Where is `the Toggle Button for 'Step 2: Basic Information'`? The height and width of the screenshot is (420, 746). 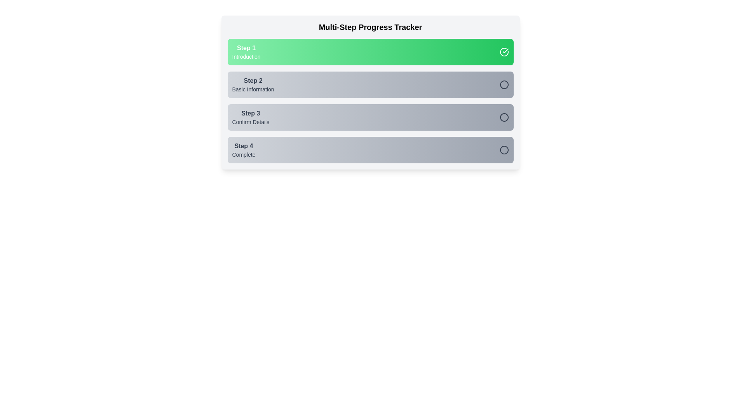
the Toggle Button for 'Step 2: Basic Information' is located at coordinates (504, 85).